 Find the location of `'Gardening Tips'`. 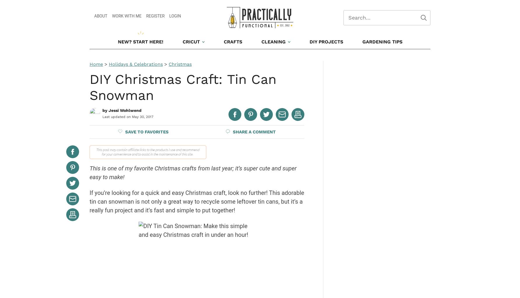

'Gardening Tips' is located at coordinates (382, 41).